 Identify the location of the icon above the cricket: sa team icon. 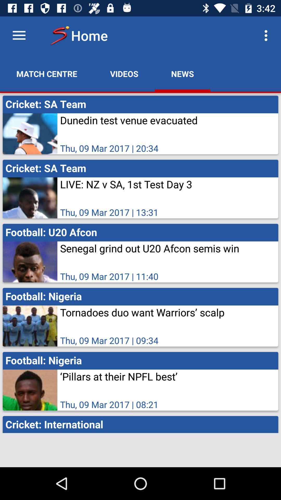
(267, 35).